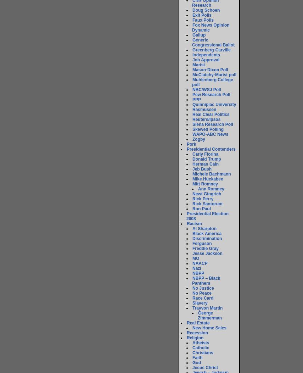  I want to click on 'Presidential Election 2008', so click(207, 216).